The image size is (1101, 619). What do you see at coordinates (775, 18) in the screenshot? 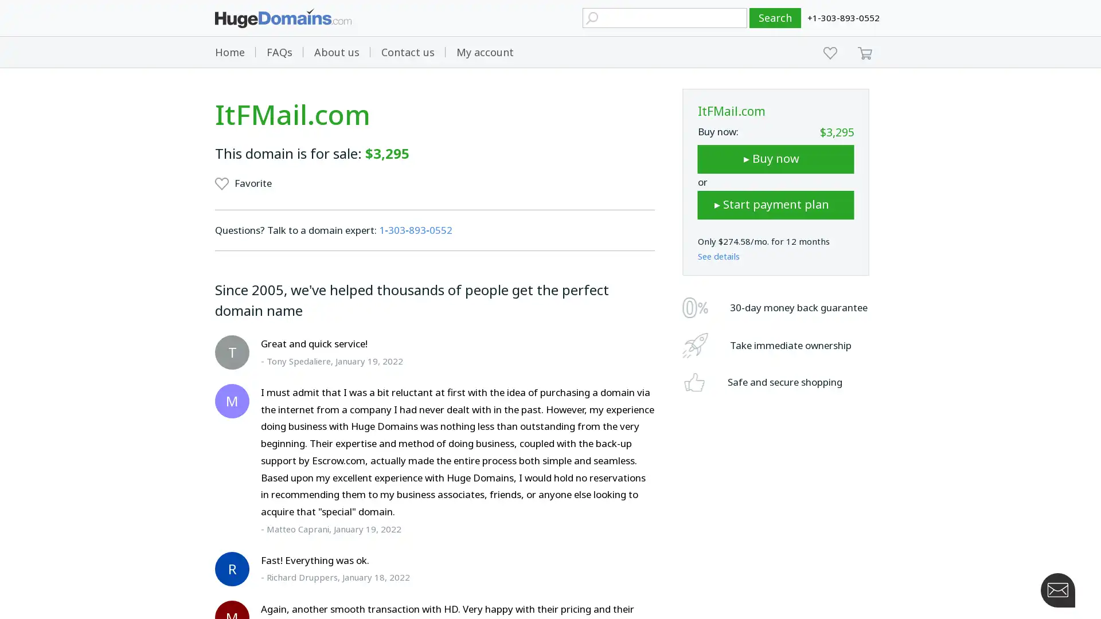
I see `Search` at bounding box center [775, 18].